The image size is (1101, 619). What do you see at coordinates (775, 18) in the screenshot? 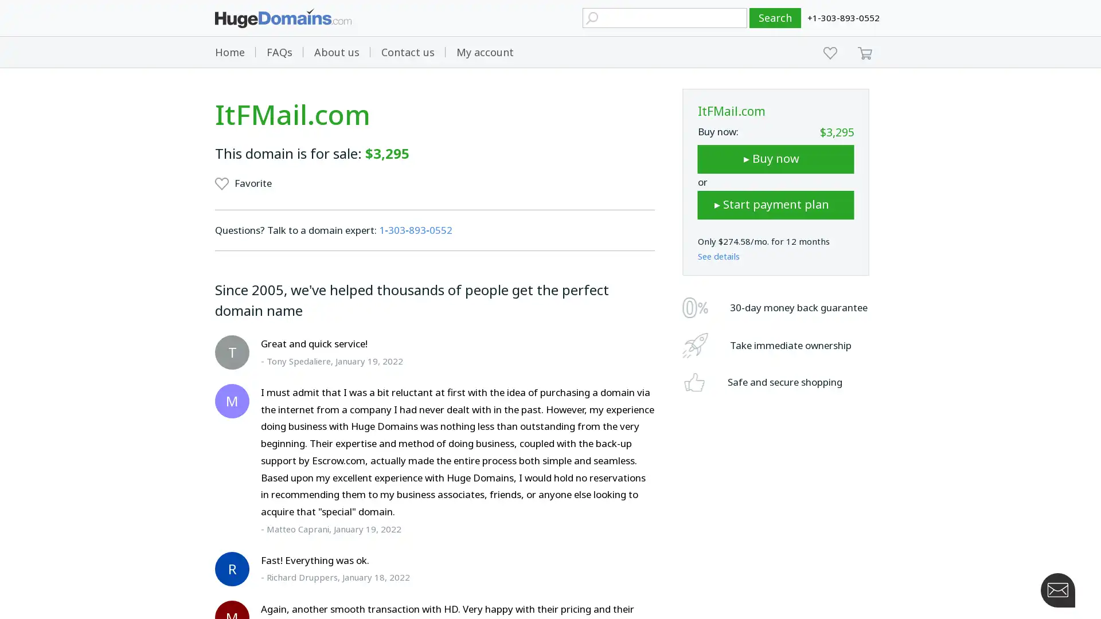
I see `Search` at bounding box center [775, 18].